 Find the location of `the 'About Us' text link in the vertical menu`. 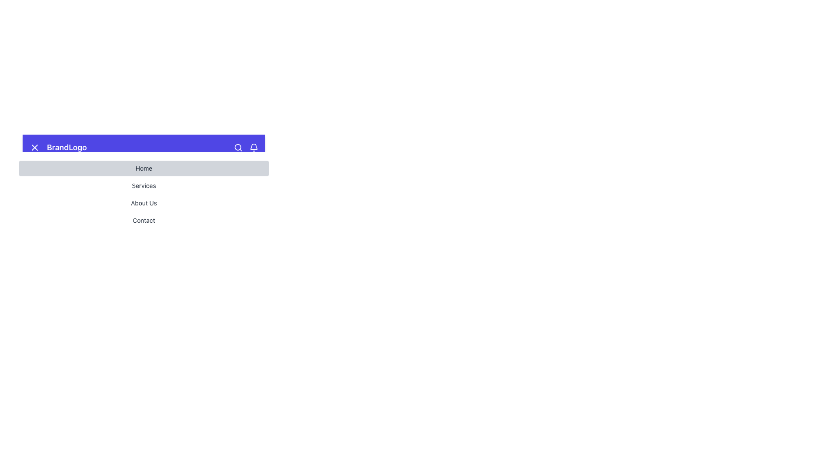

the 'About Us' text link in the vertical menu is located at coordinates (144, 203).